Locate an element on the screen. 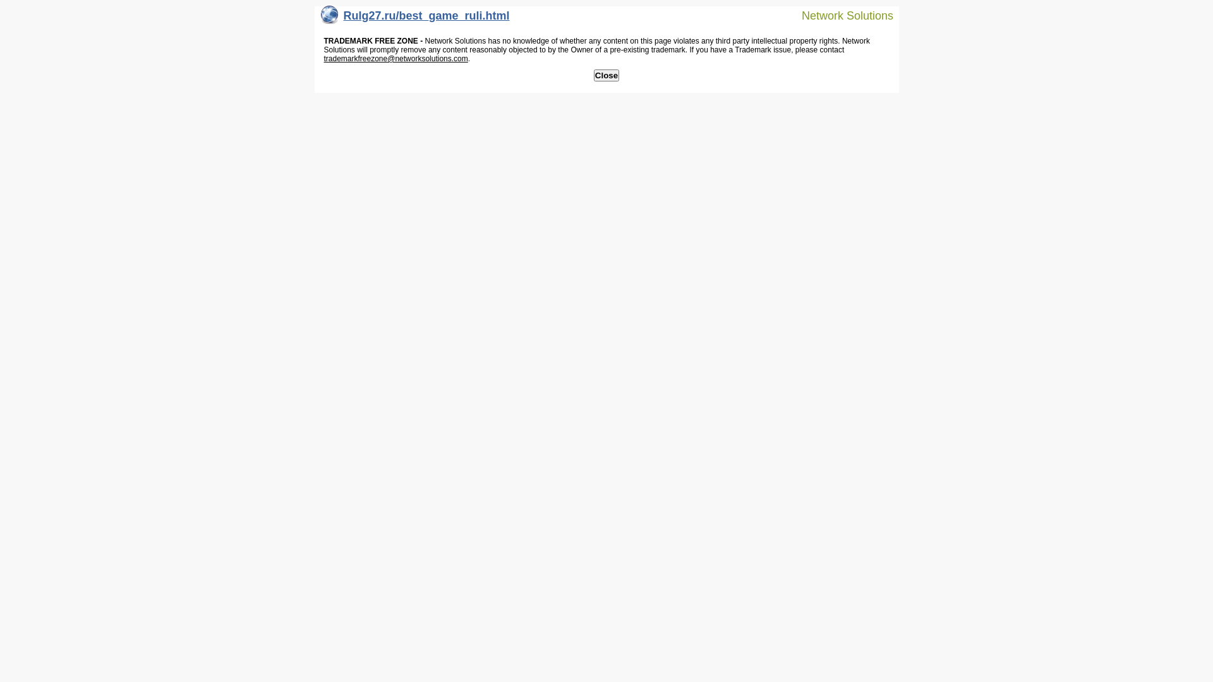 The image size is (1213, 682). 'Network Solutions' is located at coordinates (840, 15).